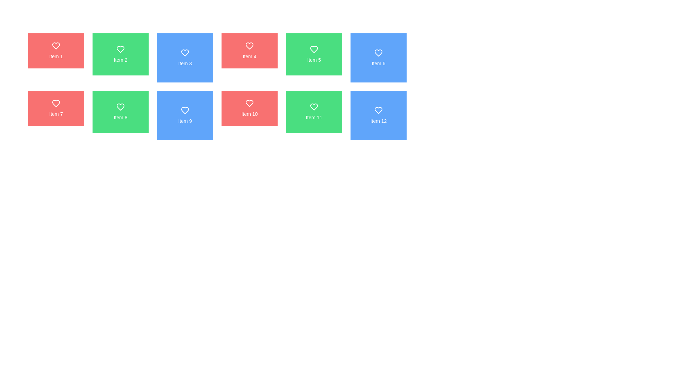  What do you see at coordinates (185, 58) in the screenshot?
I see `the rectangular clickable component labeled 'Item 3', which features a white heart icon and a blue background` at bounding box center [185, 58].